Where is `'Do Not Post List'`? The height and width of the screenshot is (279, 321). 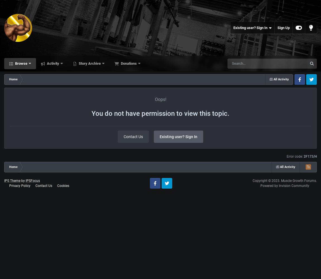
'Do Not Post List' is located at coordinates (29, 149).